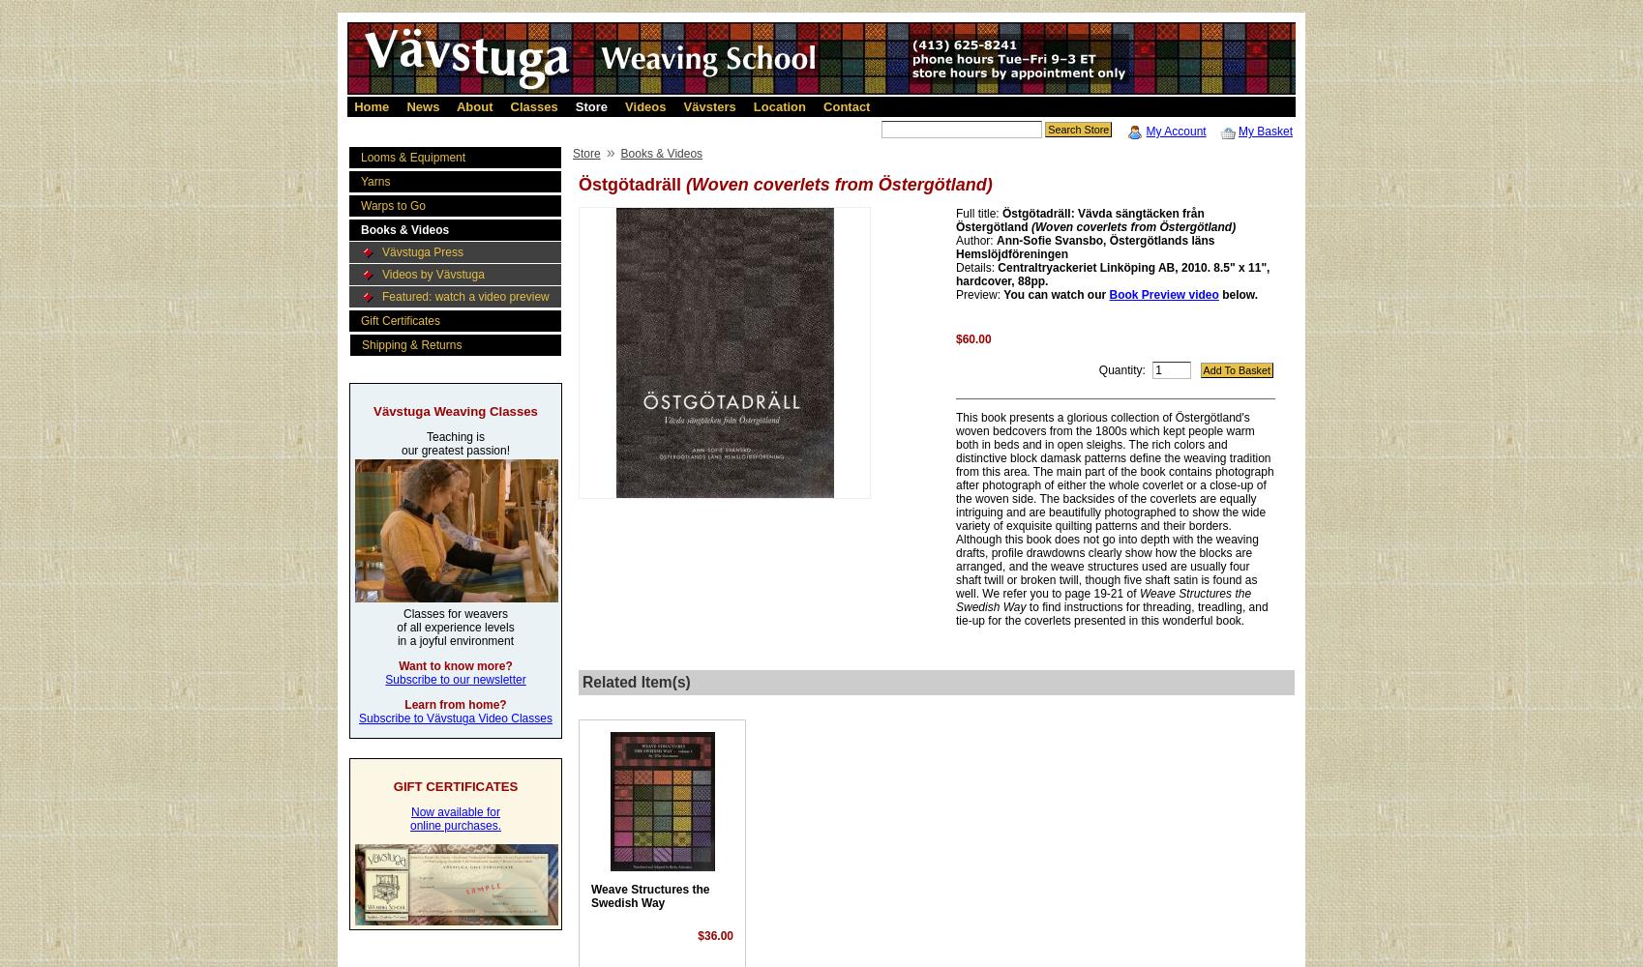  Describe the element at coordinates (404, 229) in the screenshot. I see `'Books & Videos'` at that location.